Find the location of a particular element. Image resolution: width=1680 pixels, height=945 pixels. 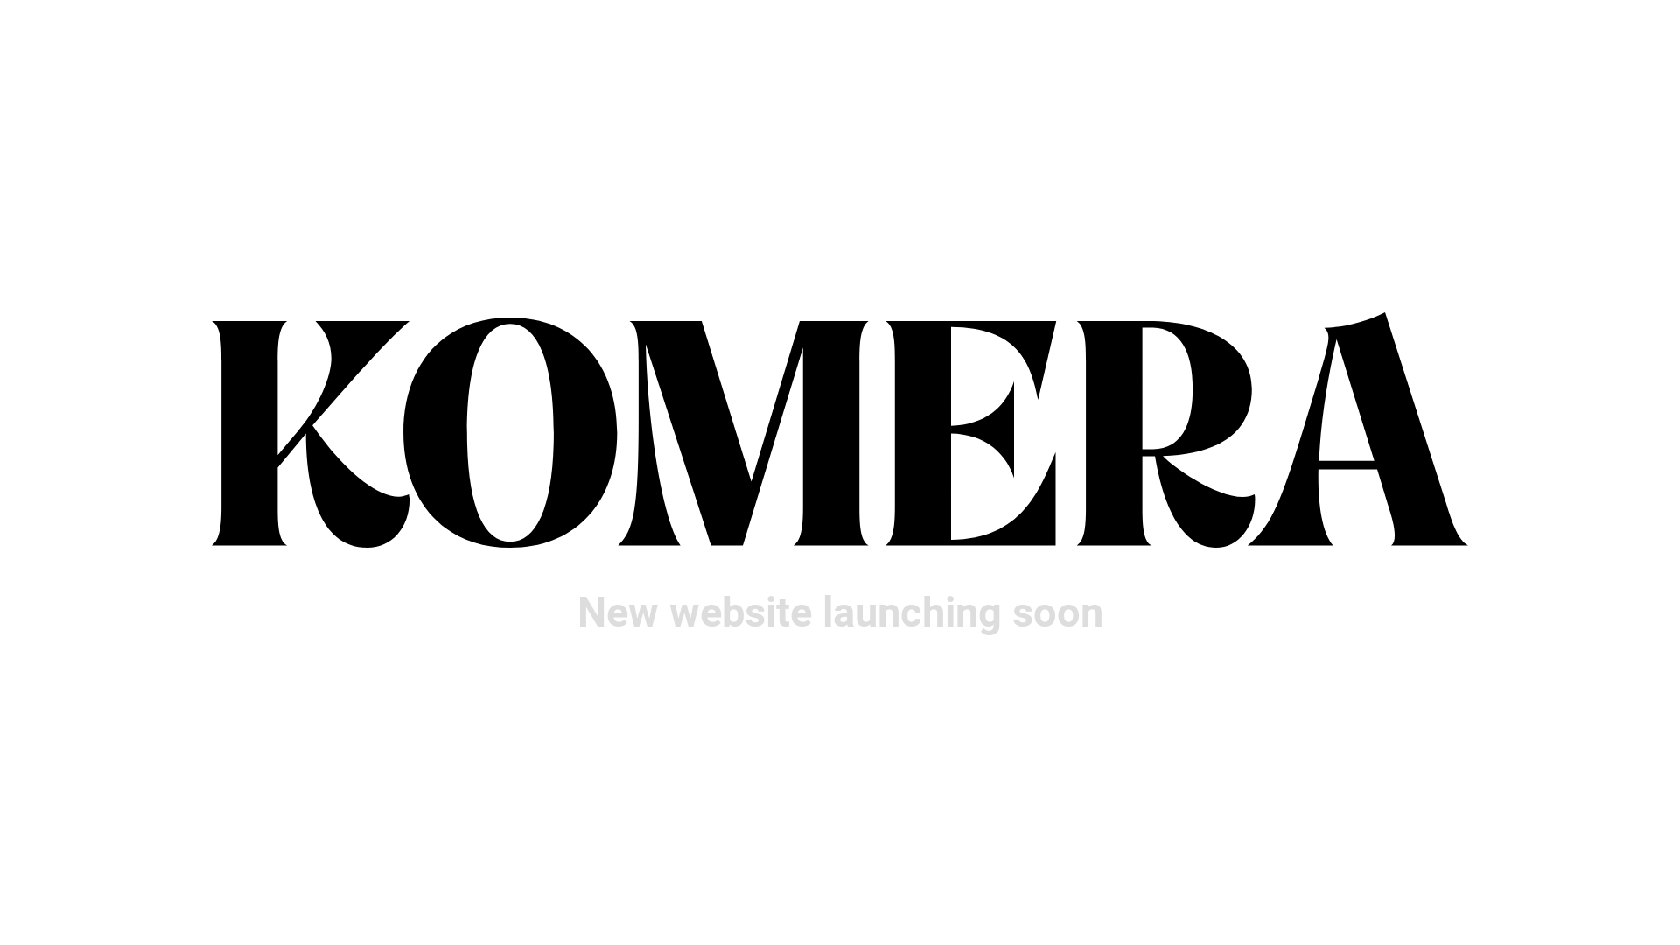

'komera_logo - Komera Group - Komera Group' is located at coordinates (840, 430).